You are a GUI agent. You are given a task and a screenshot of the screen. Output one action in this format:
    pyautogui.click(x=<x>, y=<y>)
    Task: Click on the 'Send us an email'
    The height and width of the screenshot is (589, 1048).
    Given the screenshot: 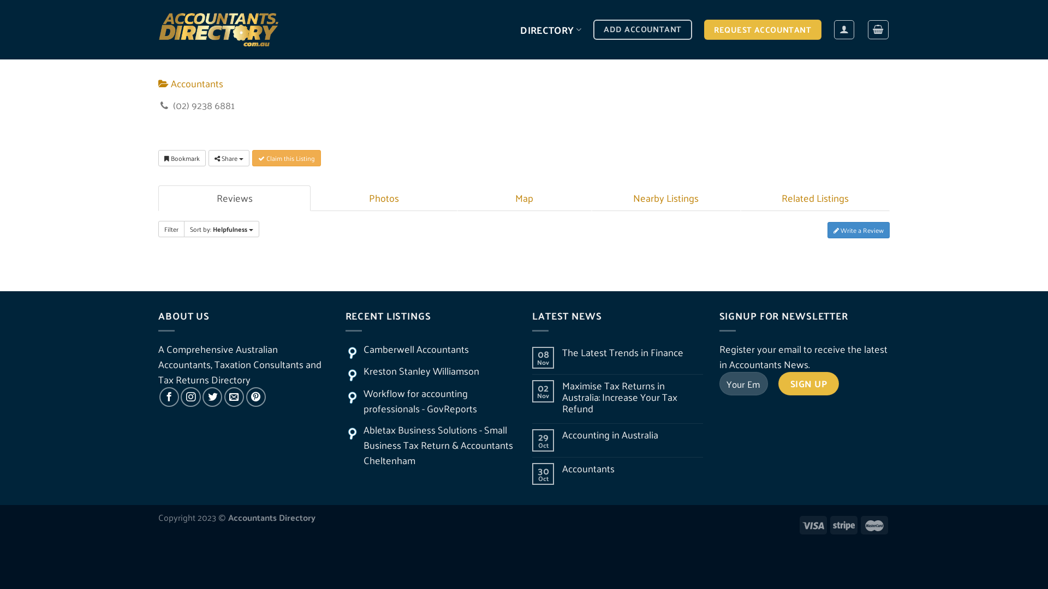 What is the action you would take?
    pyautogui.click(x=233, y=397)
    